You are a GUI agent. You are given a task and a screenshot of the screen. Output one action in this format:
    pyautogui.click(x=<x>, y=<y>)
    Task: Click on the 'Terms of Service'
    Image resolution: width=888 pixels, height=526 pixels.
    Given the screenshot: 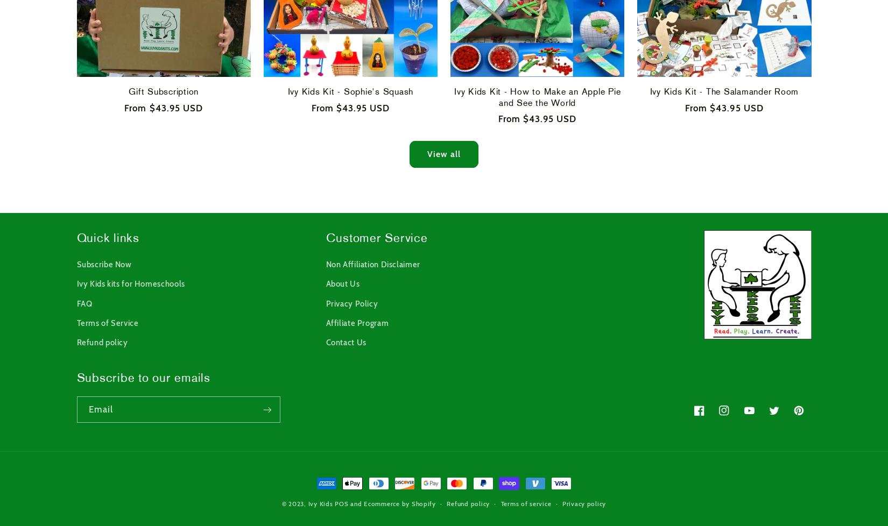 What is the action you would take?
    pyautogui.click(x=76, y=323)
    